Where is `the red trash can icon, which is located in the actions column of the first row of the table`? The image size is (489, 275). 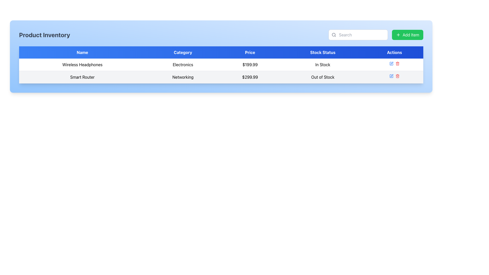
the red trash can icon, which is located in the actions column of the first row of the table is located at coordinates (397, 63).